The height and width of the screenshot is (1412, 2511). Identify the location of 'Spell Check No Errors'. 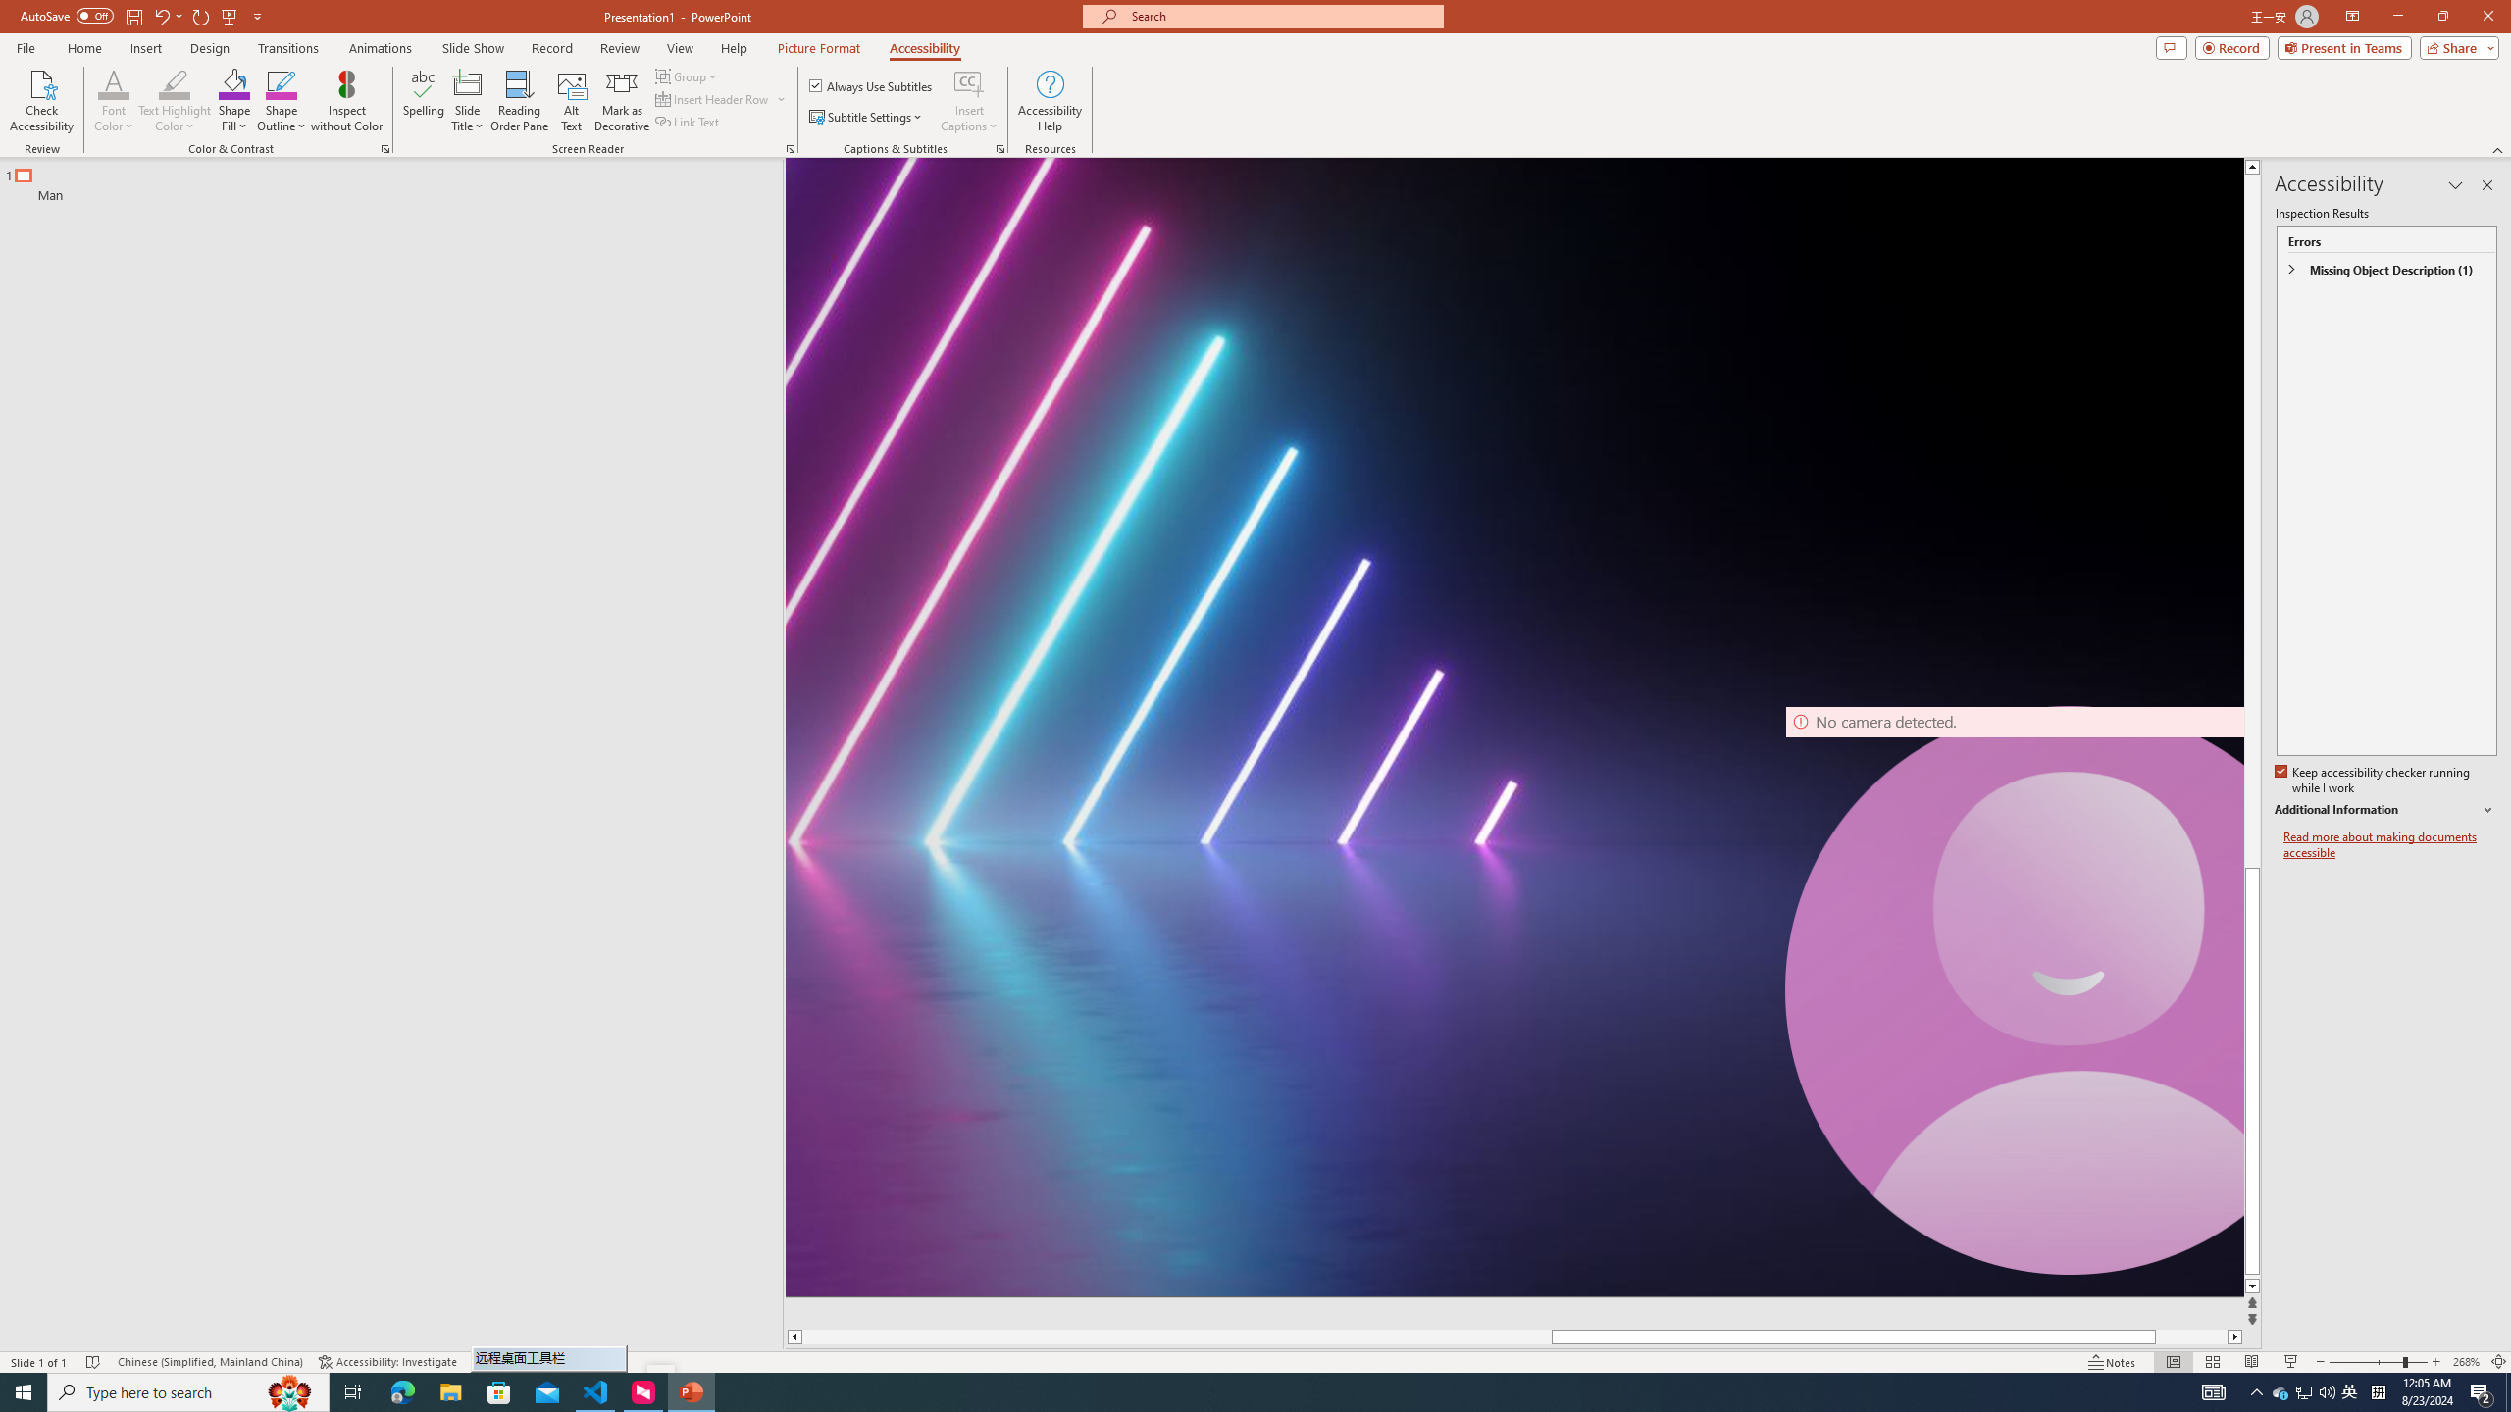
(93, 1362).